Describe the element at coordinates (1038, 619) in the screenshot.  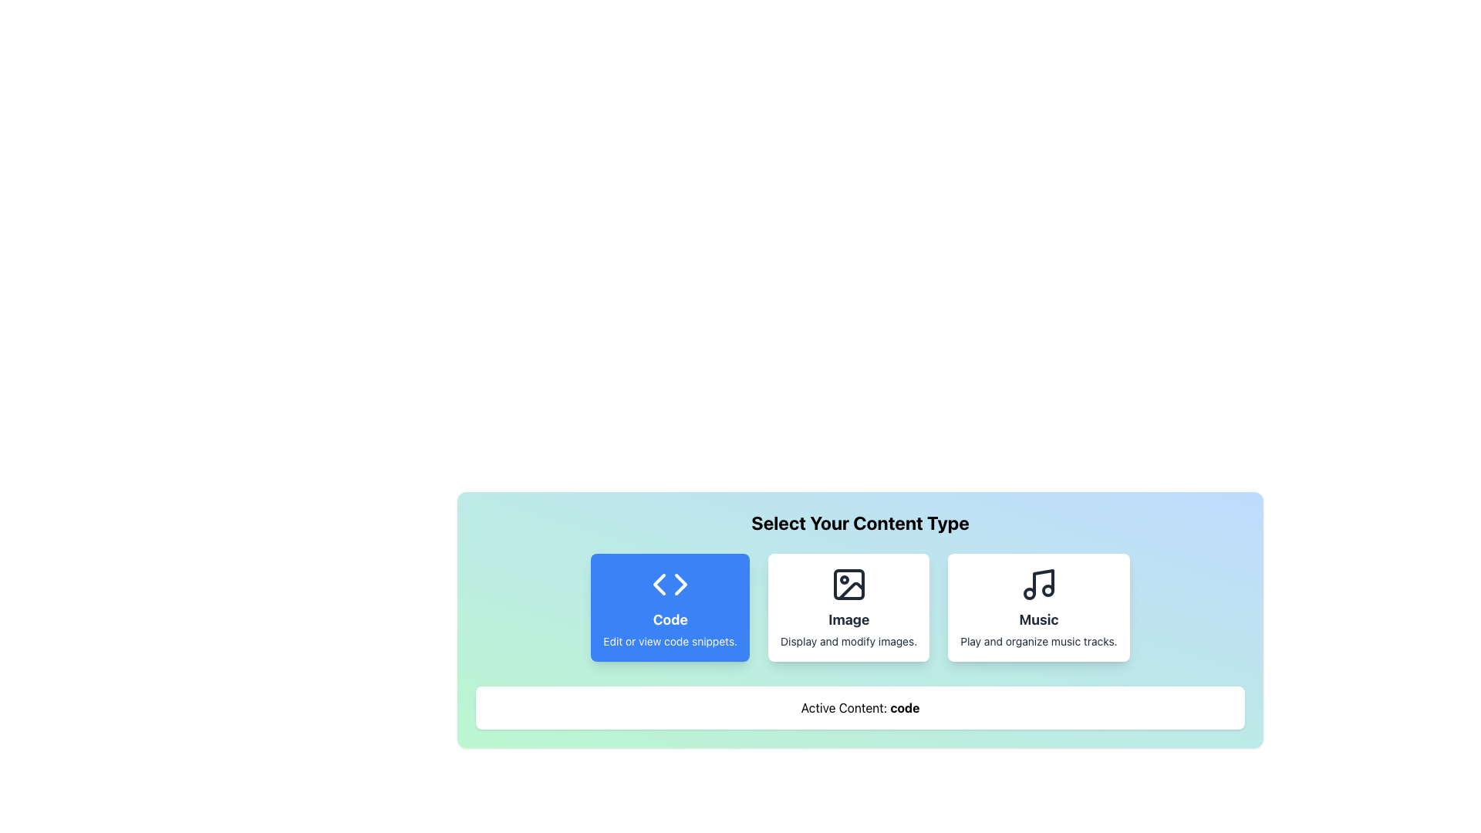
I see `the static text label that serves as the title for the music card, located at the center of the interface, positioned above a smaller text and below a music icon` at that location.